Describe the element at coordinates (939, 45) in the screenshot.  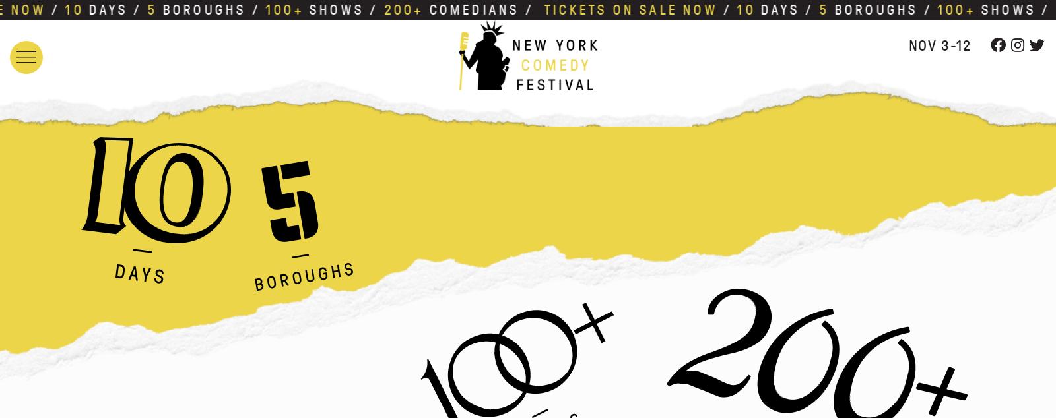
I see `'Nov 3-12'` at that location.